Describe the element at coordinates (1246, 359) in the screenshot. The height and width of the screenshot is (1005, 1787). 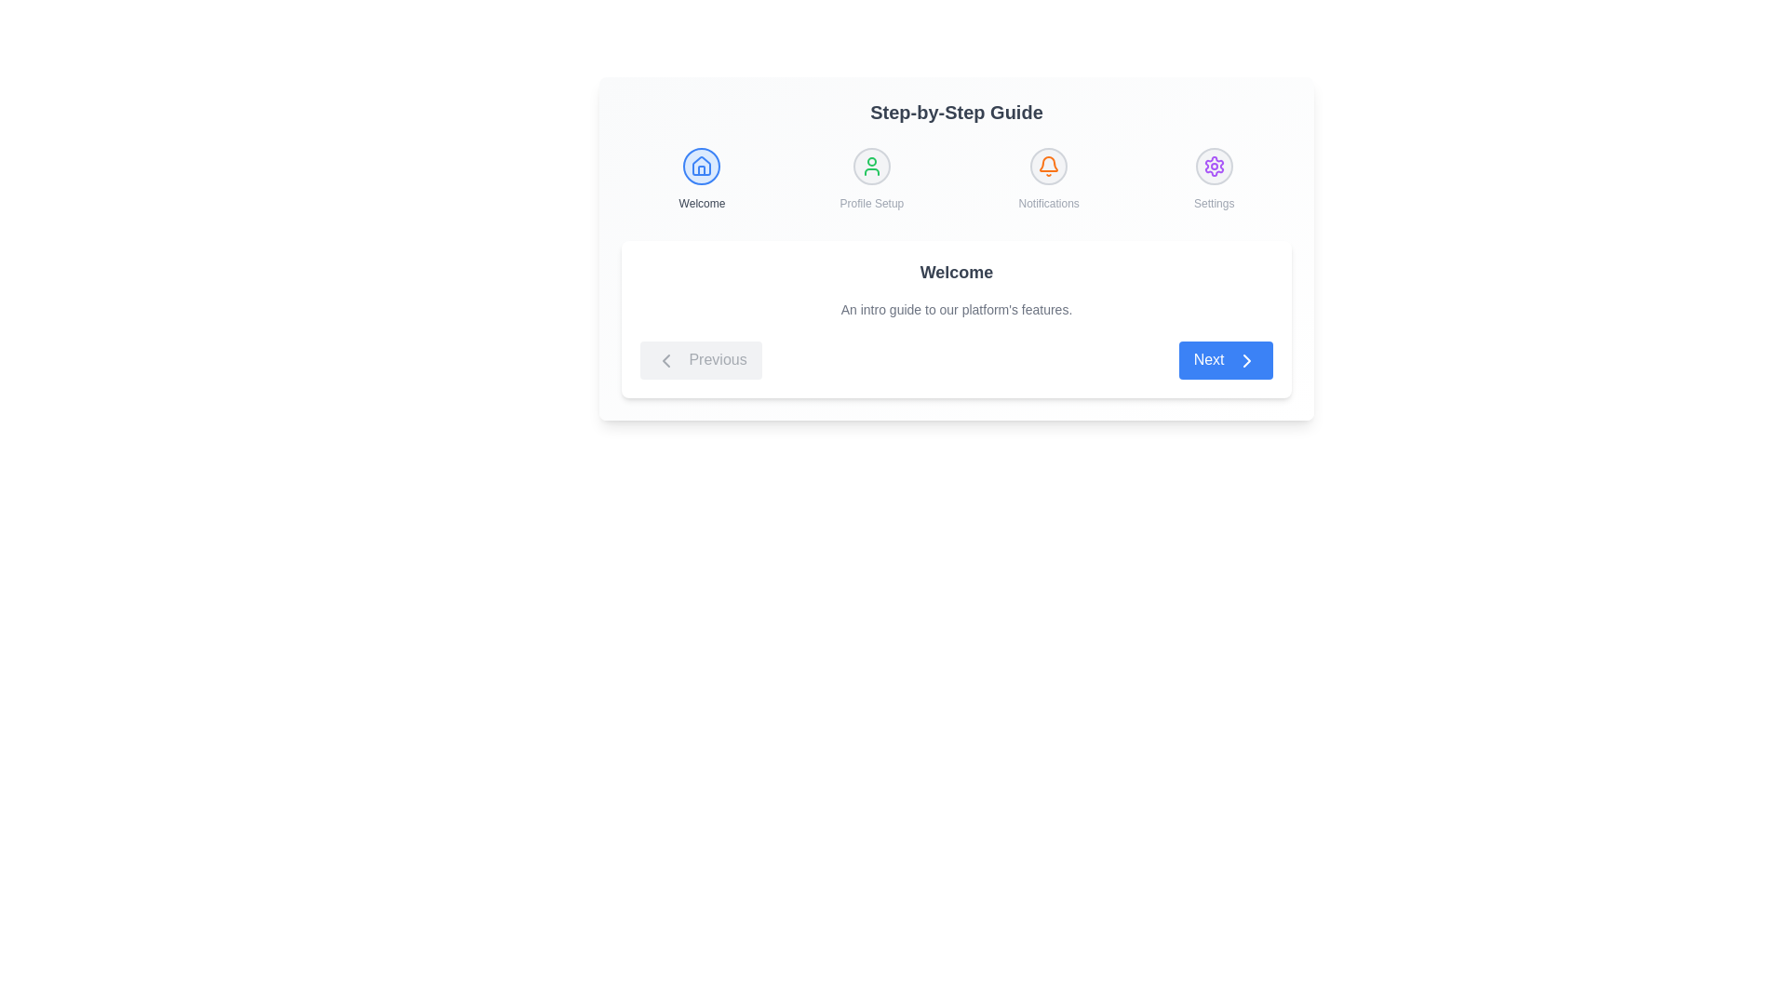
I see `the chevron icon located to the right of the 'Next' button, which serves as a visual cue for proceeding to the next step in the guide` at that location.